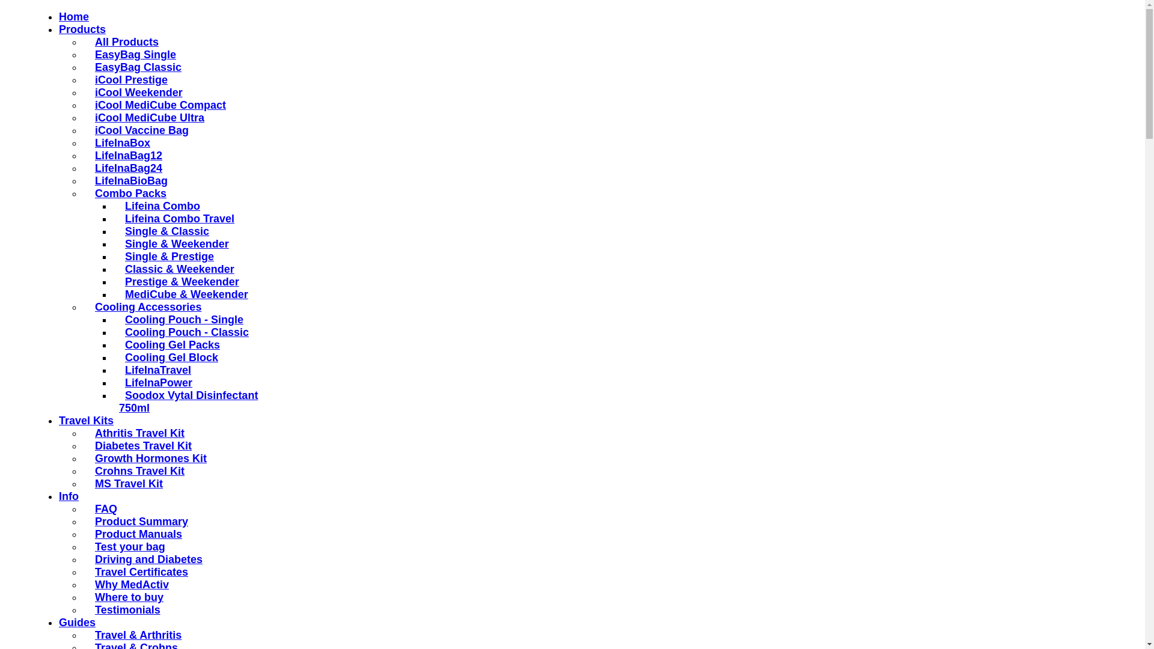  What do you see at coordinates (88, 509) in the screenshot?
I see `'FAQ'` at bounding box center [88, 509].